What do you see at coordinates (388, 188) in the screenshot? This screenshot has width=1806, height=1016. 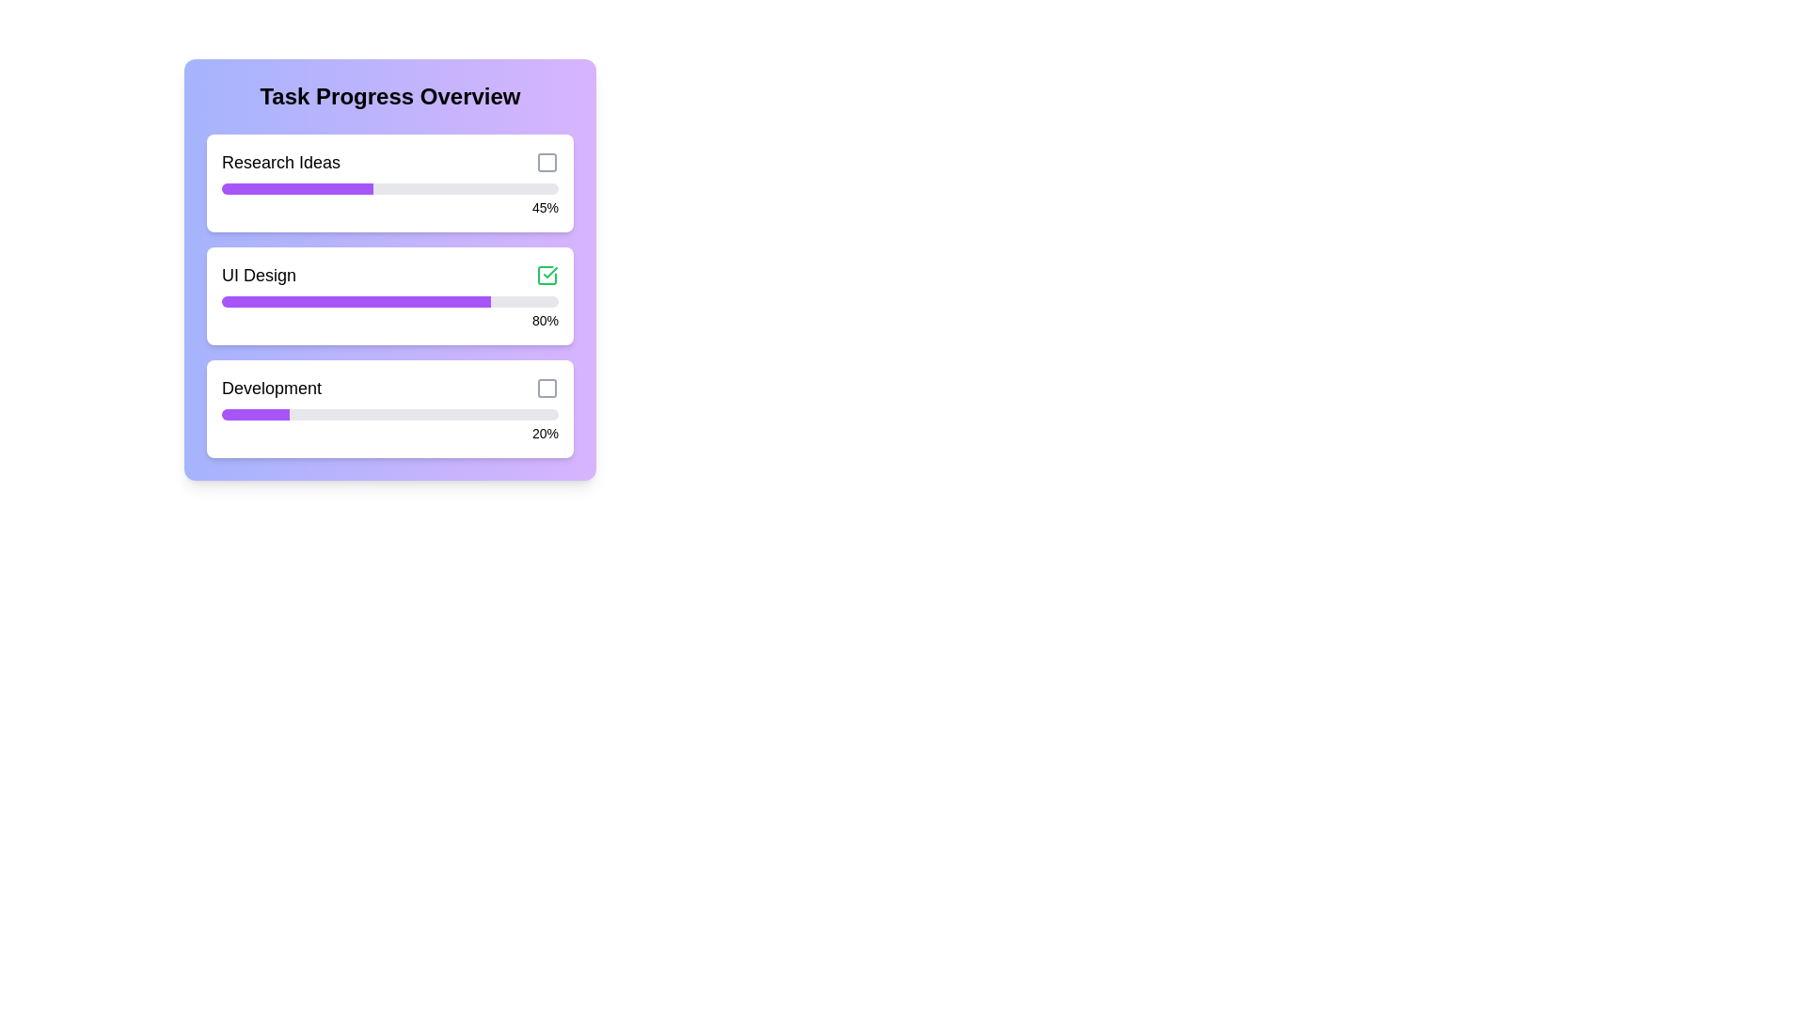 I see `the horizontal progress bar in the 'Task Progress Overview' widget, which has a gray background and a purple filled section, to indicate the current progress at 45%` at bounding box center [388, 188].